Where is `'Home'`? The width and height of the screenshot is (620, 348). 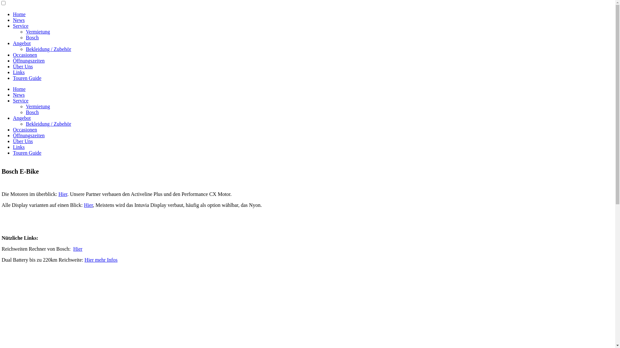 'Home' is located at coordinates (19, 89).